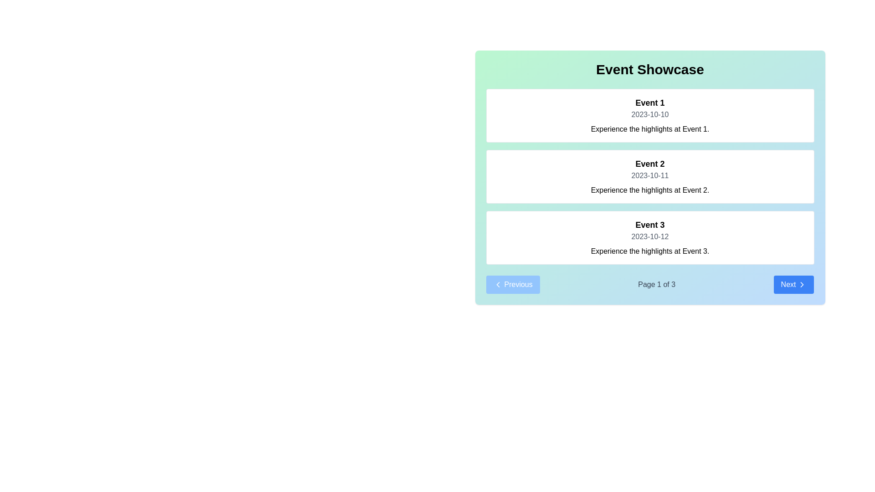 This screenshot has width=875, height=492. Describe the element at coordinates (649, 177) in the screenshot. I see `informational card titled 'Event 2' which contains the date '2023-10-11' and description 'Experience the highlights at Event 2.'` at that location.